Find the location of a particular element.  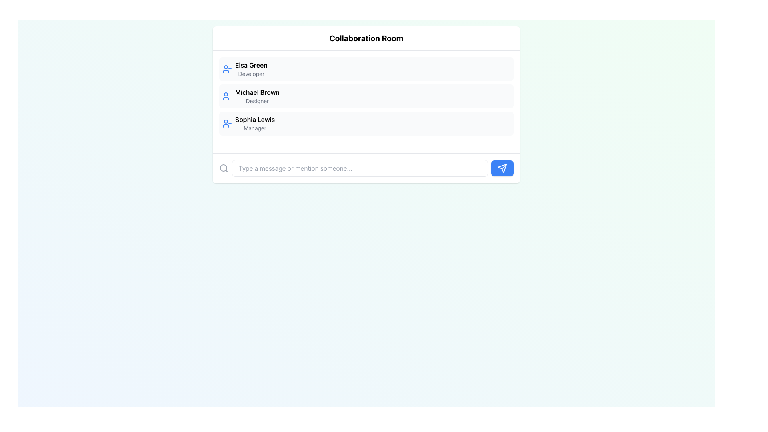

the text displaying 'Elsa Green', the bold name located at the top-left of a list item in the collaboration room interface, to focus on it is located at coordinates (251, 64).